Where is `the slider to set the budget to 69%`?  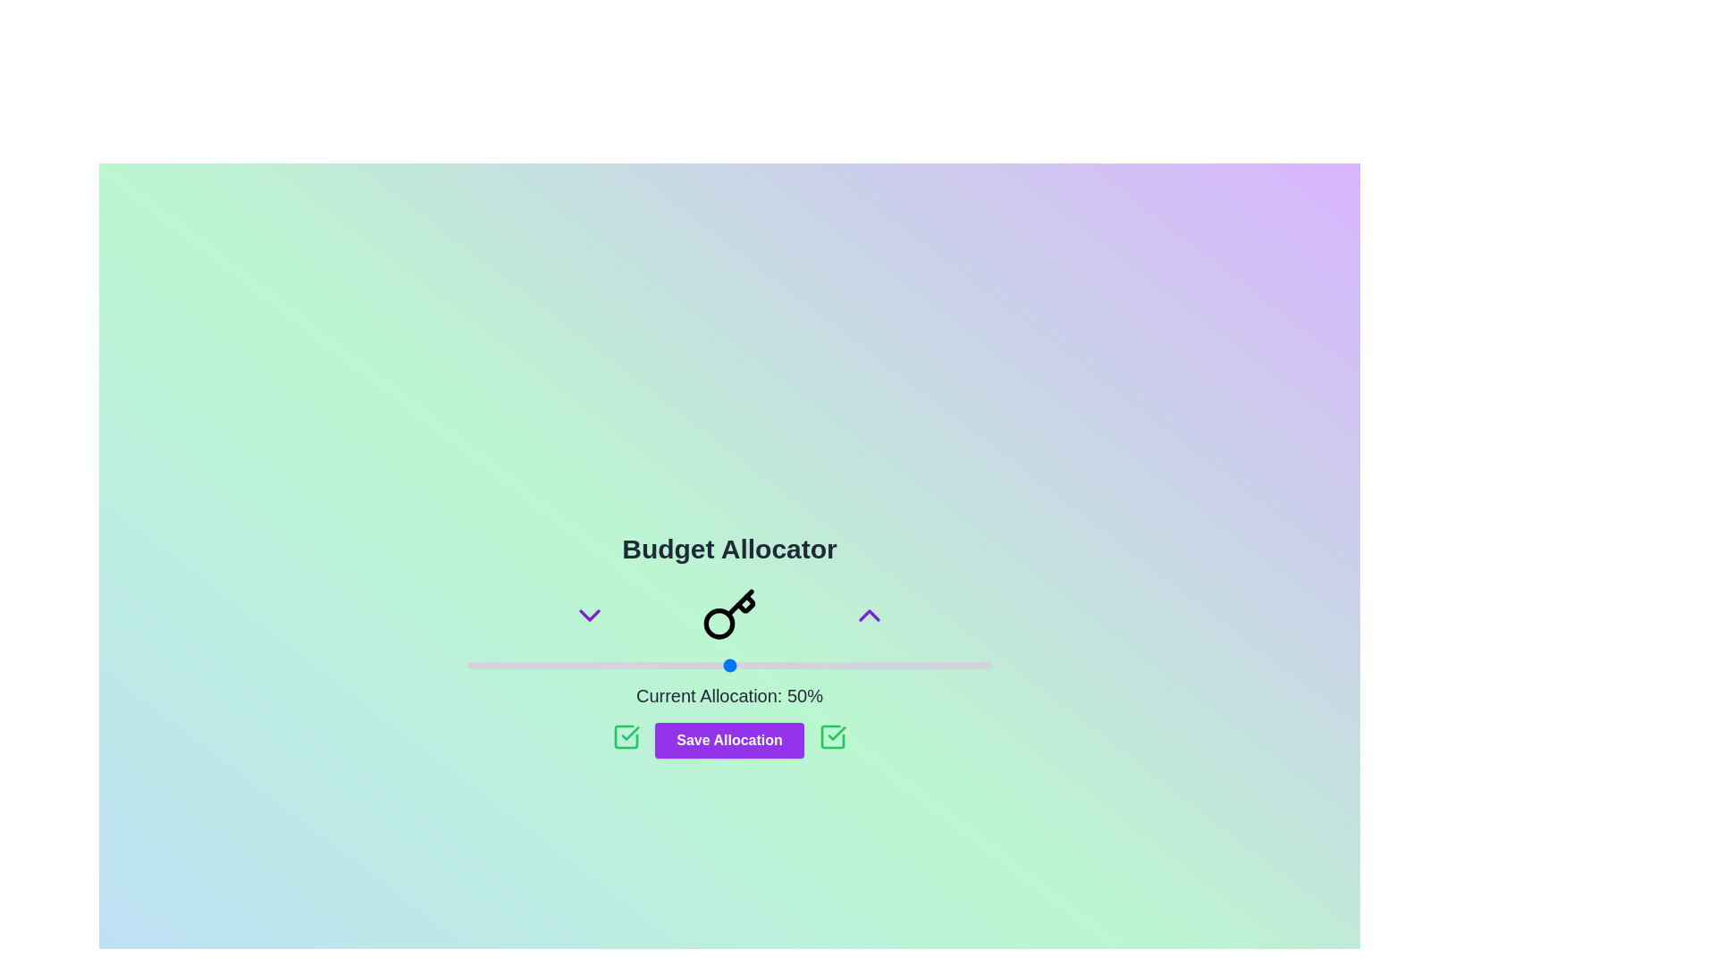 the slider to set the budget to 69% is located at coordinates (829, 665).